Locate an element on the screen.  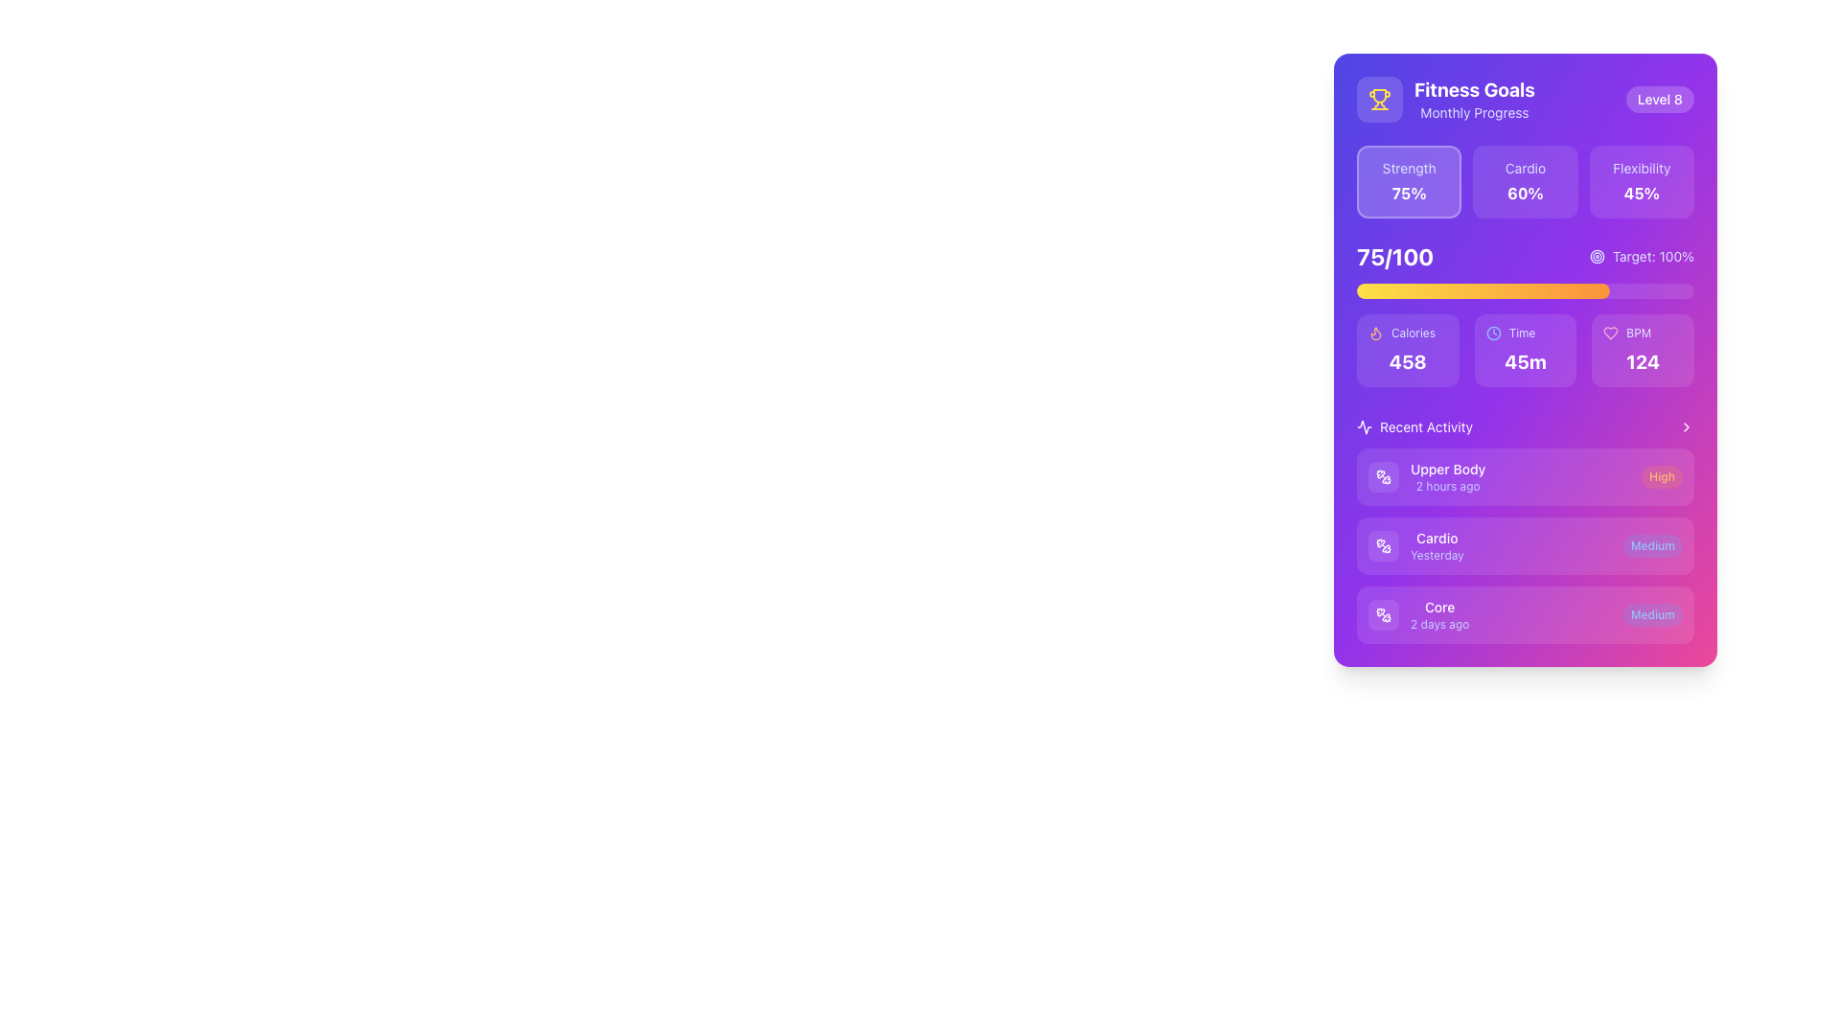
the static text label that identifies the type or name of the activity in the fourth item of the vertical list under the 'Recent Activity' section is located at coordinates (1439, 607).